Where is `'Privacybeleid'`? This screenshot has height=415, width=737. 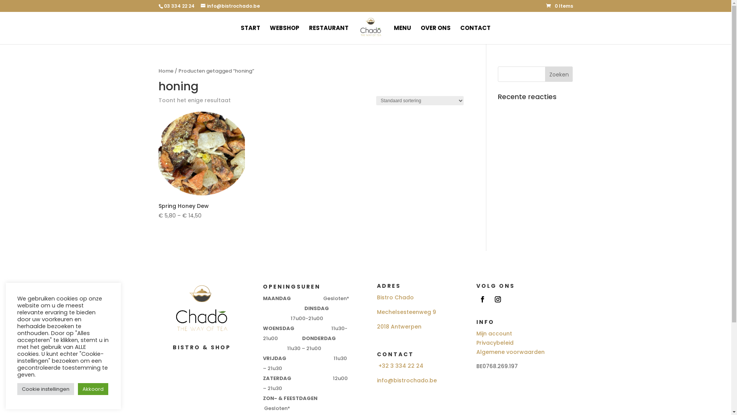 'Privacybeleid' is located at coordinates (495, 342).